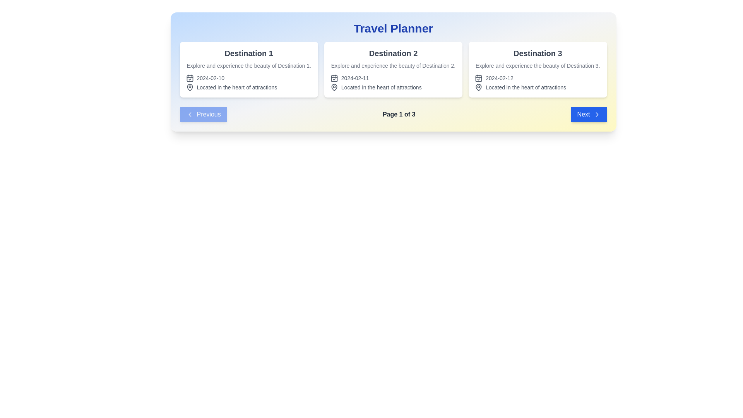 The width and height of the screenshot is (743, 418). I want to click on the pin icon located in the third destination card below the title 'Destination 3', which resembles a drop shape and is styled in a dark color, so click(478, 87).